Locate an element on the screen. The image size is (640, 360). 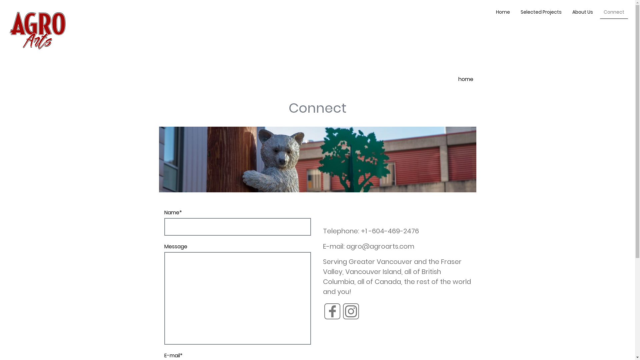
'home' is located at coordinates (465, 79).